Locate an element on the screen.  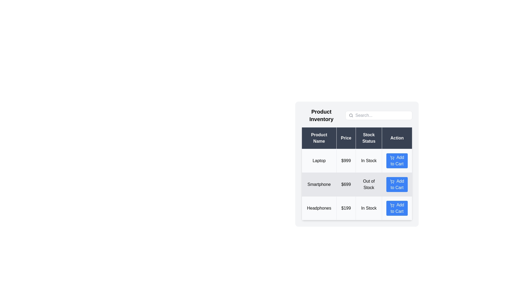
'Add to Cart' button for the product named 'Headphones' is located at coordinates (397, 208).